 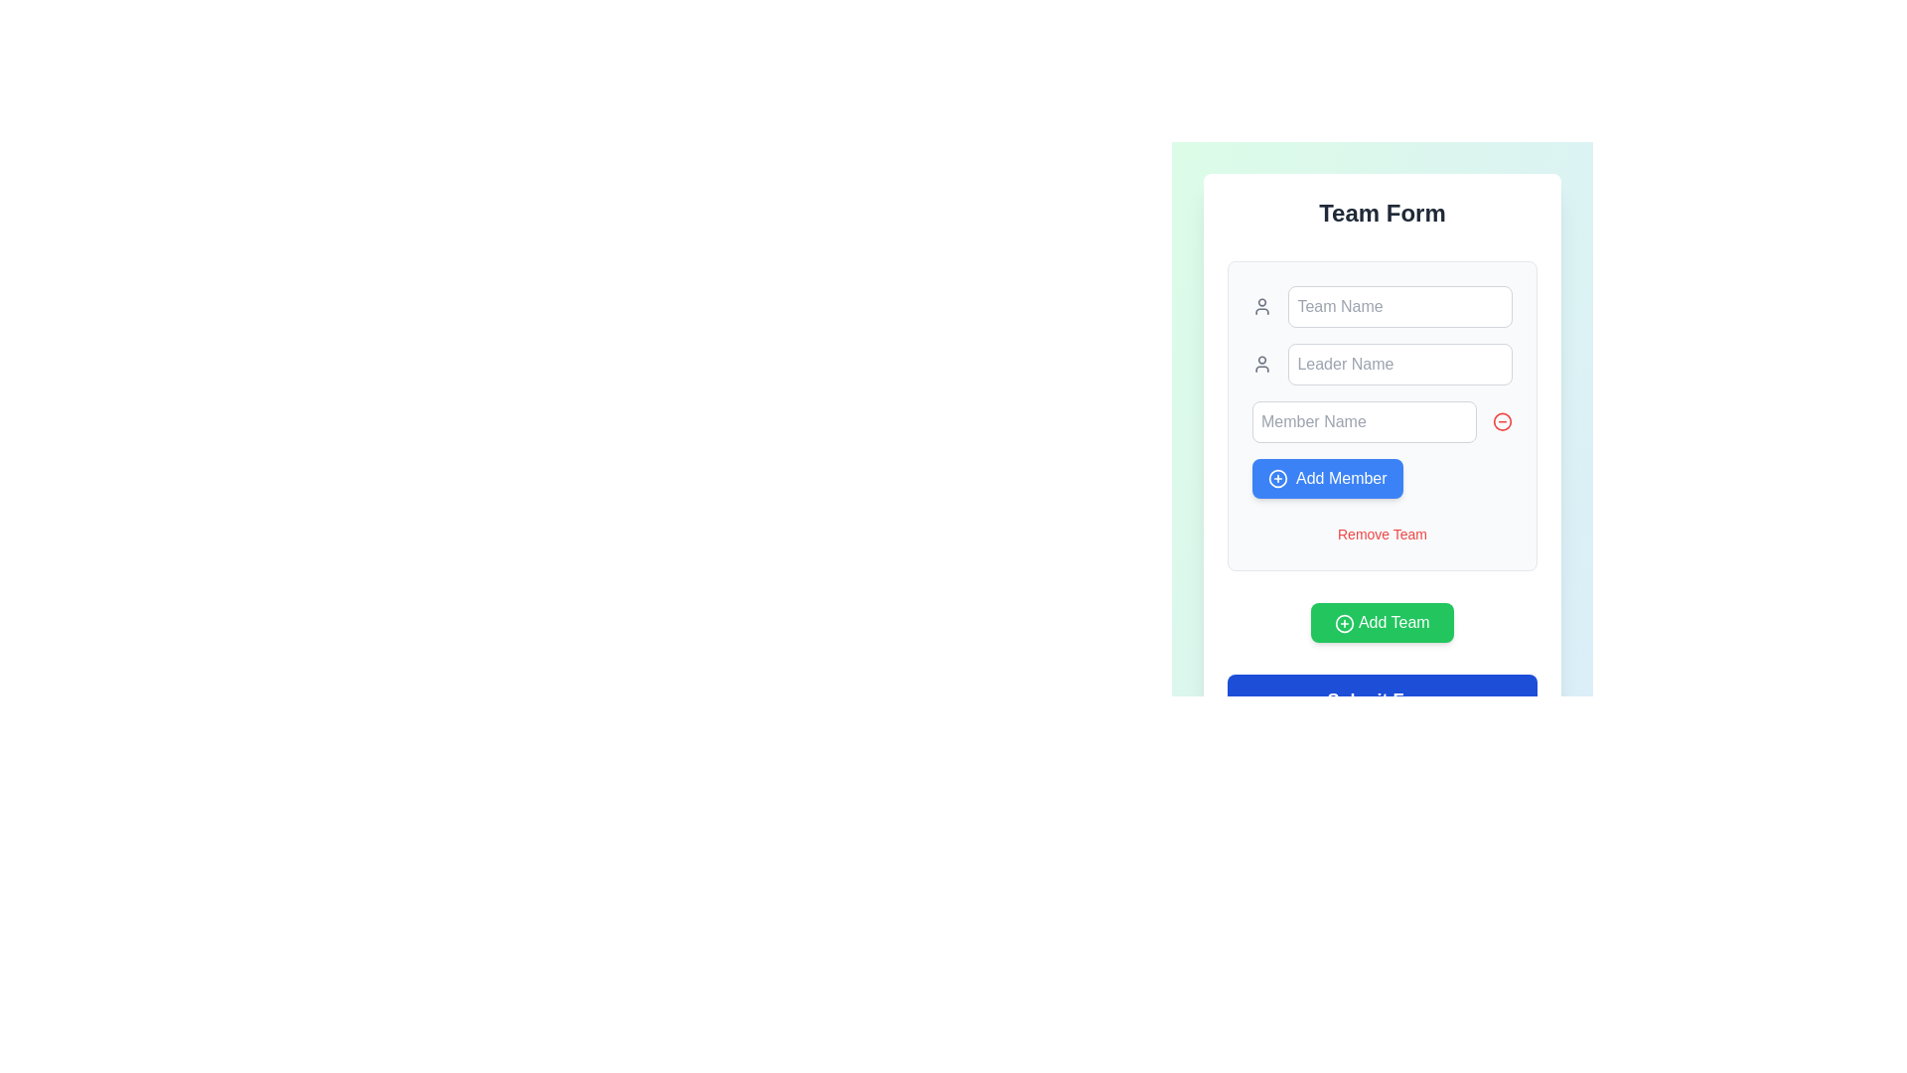 What do you see at coordinates (1345, 622) in the screenshot?
I see `the circular graphical decoration centered on the 'Add Team' button, which visually enhances its purpose` at bounding box center [1345, 622].